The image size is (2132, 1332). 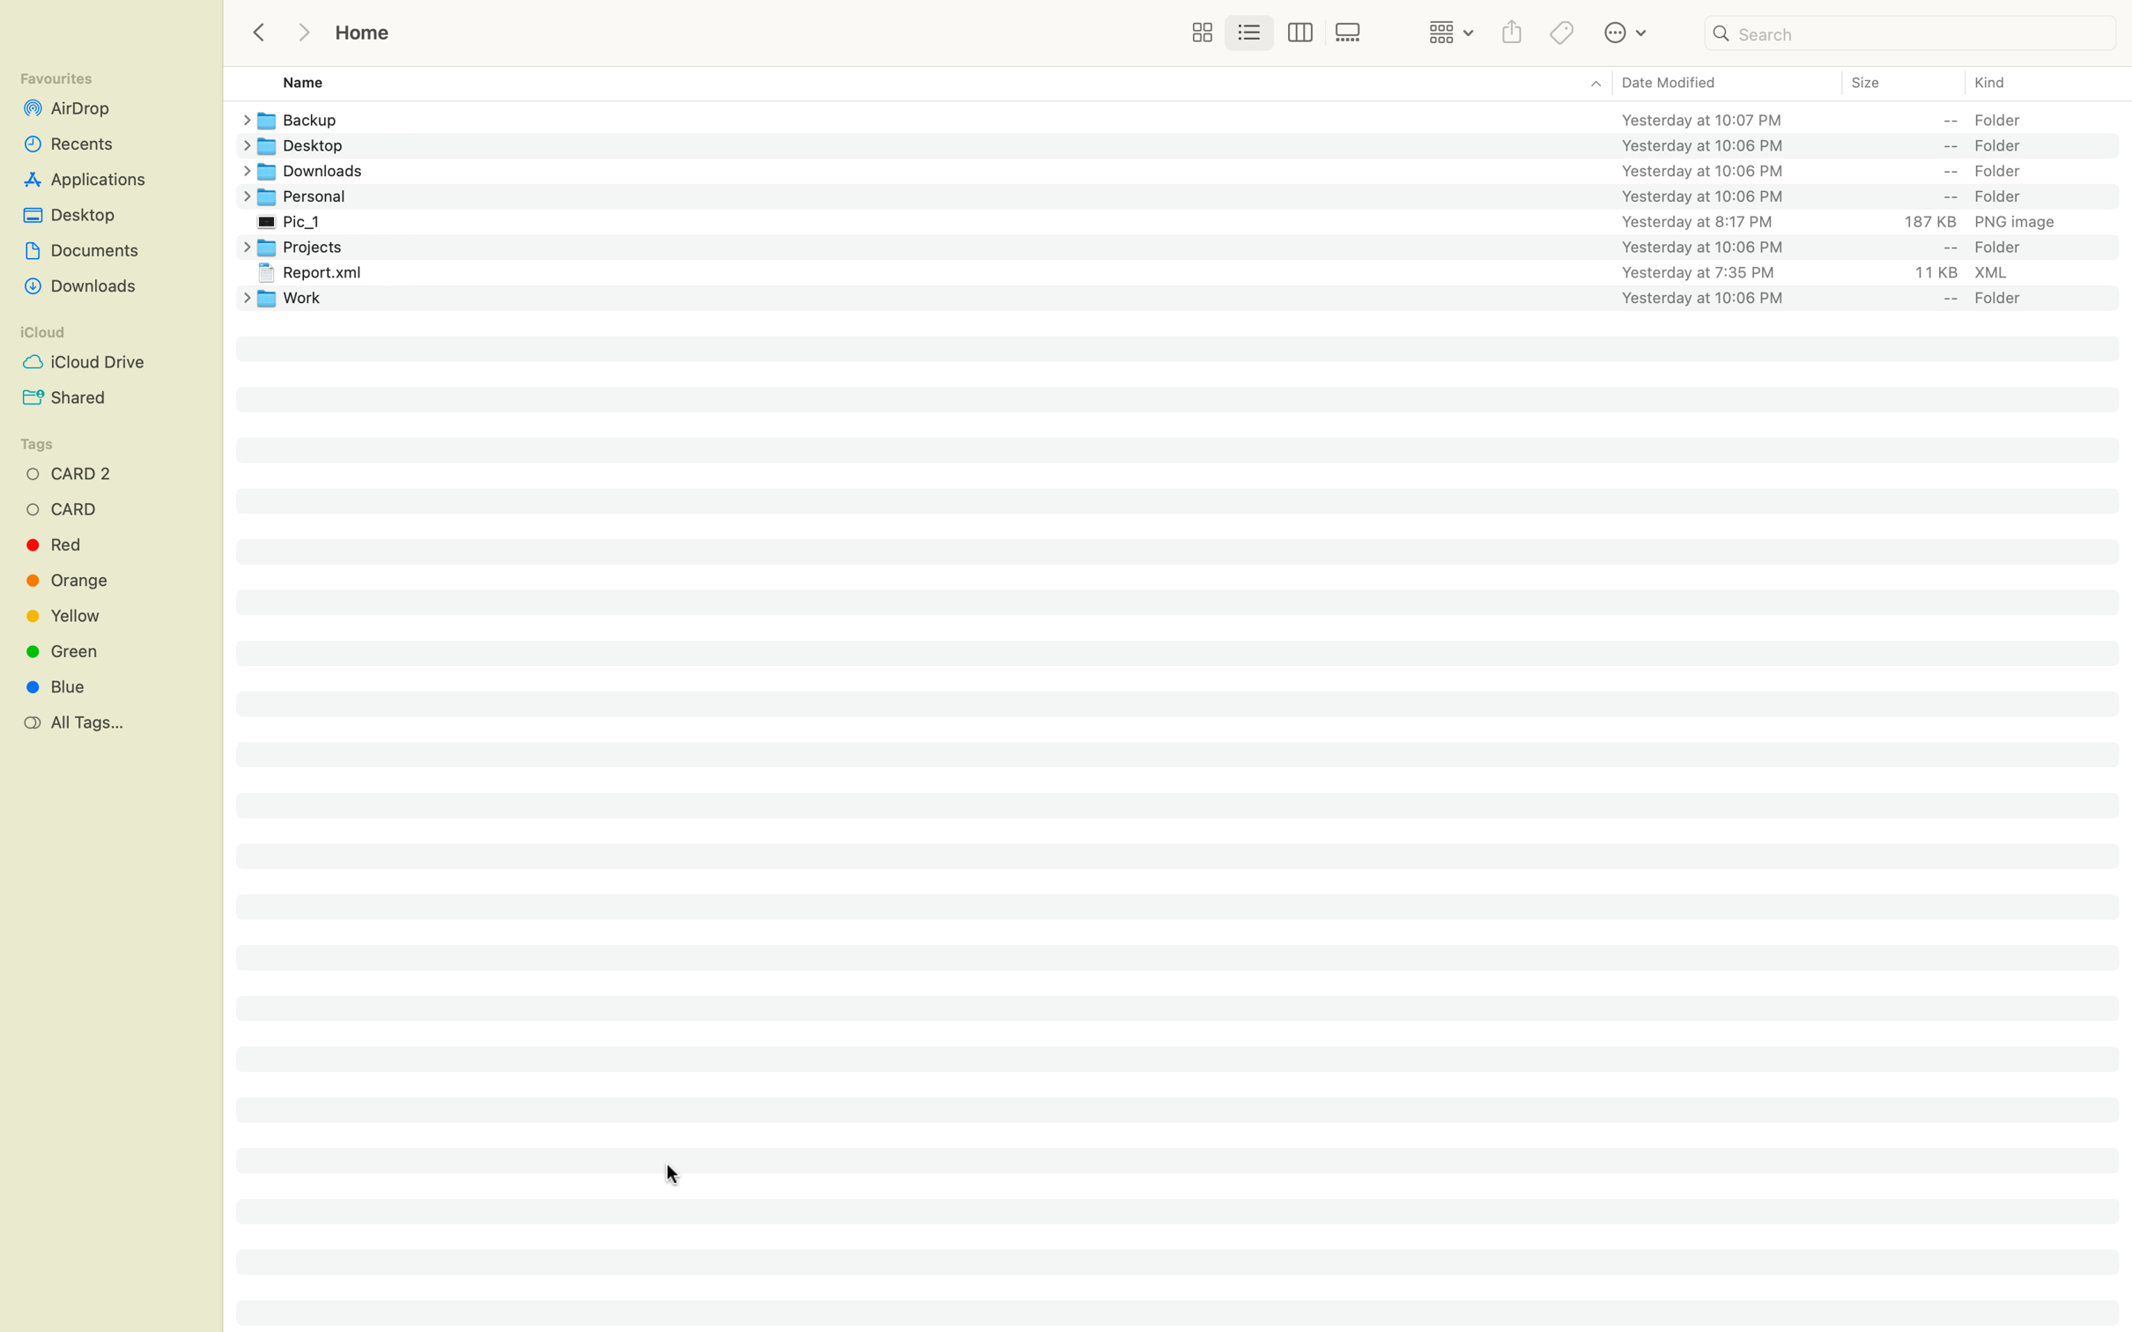 I want to click on Organize the files based on size in increasing order, so click(x=1901, y=84).